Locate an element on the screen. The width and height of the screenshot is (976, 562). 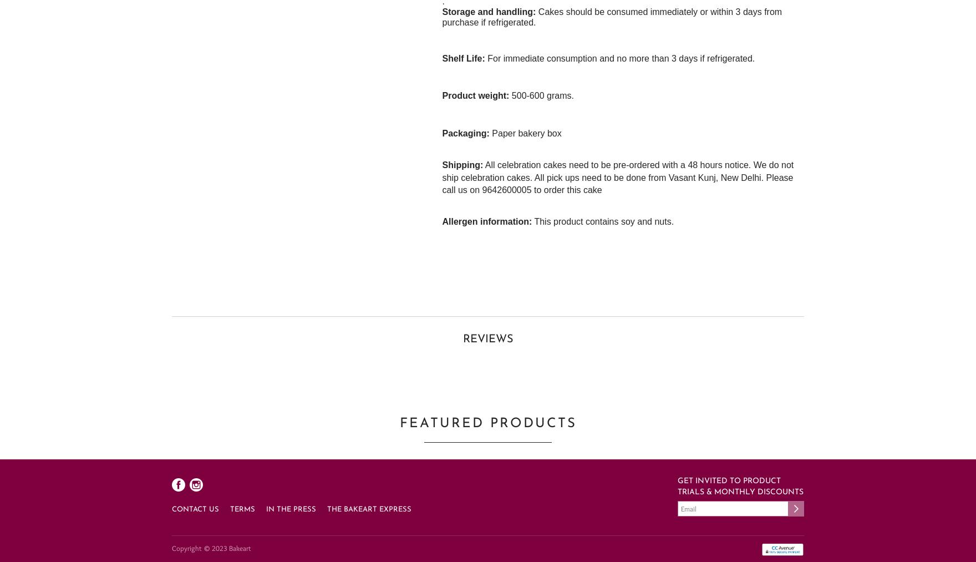
'Product weight:' is located at coordinates (475, 95).